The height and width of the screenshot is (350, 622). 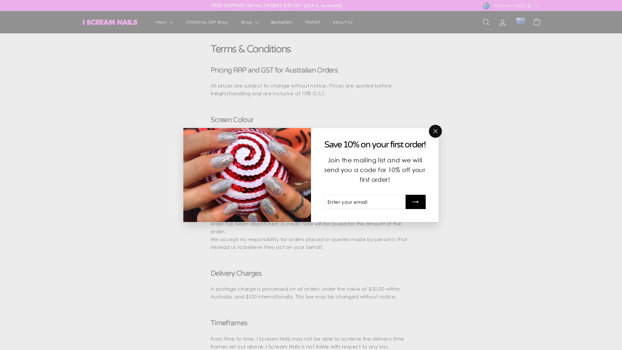 What do you see at coordinates (435, 131) in the screenshot?
I see `'"Close (esc)"'` at bounding box center [435, 131].